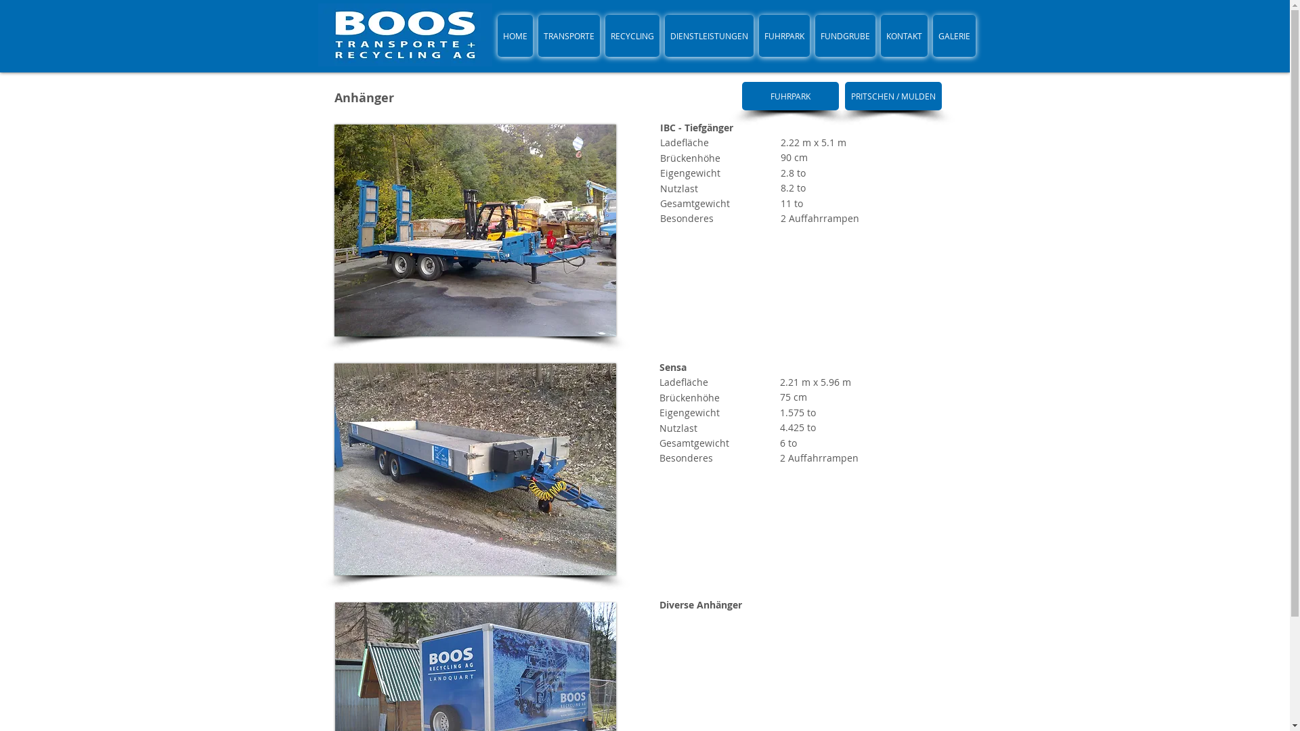 This screenshot has width=1300, height=731. I want to click on 'DIENSTLEISTUNGEN', so click(708, 35).